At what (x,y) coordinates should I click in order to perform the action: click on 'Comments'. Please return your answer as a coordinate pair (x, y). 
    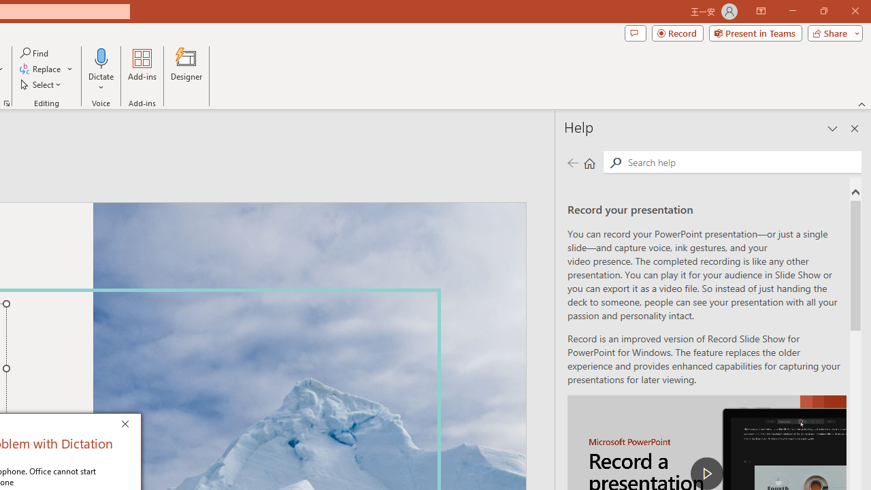
    Looking at the image, I should click on (634, 32).